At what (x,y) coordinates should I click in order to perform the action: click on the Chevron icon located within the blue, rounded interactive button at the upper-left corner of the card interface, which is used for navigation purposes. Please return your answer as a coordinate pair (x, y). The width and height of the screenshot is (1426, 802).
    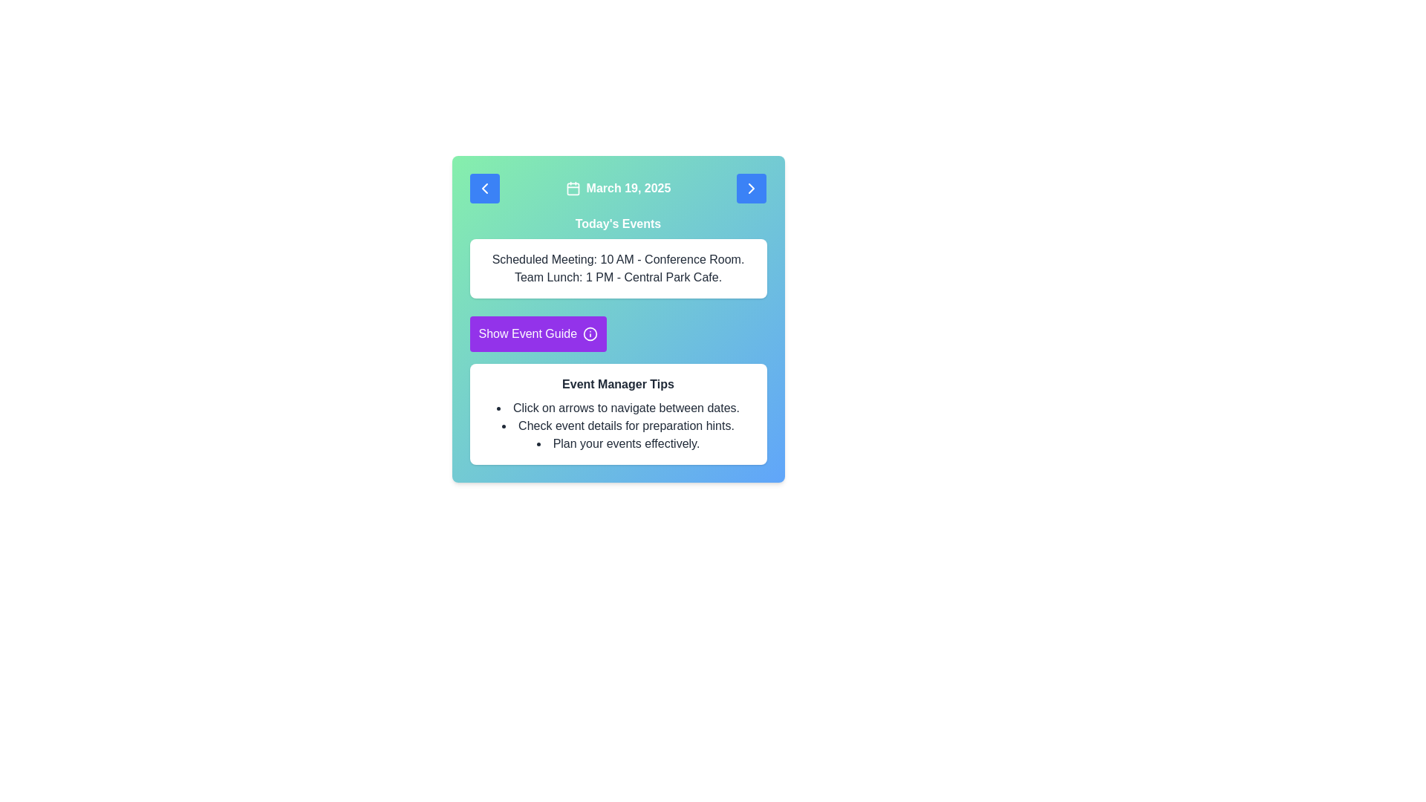
    Looking at the image, I should click on (484, 188).